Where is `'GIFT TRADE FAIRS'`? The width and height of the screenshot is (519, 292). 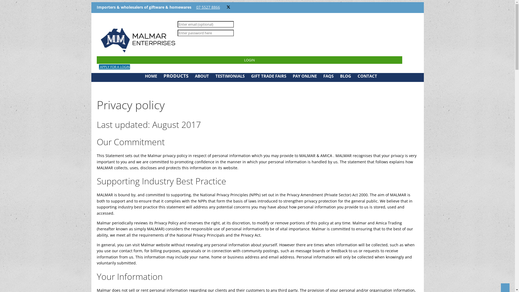
'GIFT TRADE FAIRS' is located at coordinates (250, 76).